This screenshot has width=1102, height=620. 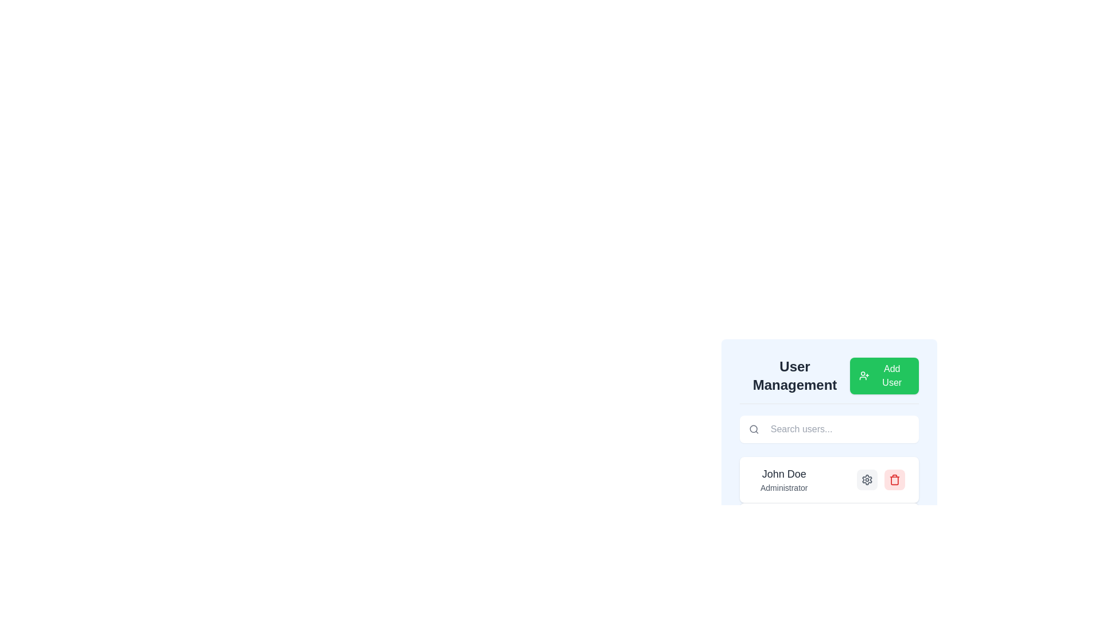 I want to click on the text display that shows the user's name and role within the 'User Management' card layout, located in the lower-right section of the interface, so click(x=781, y=480).